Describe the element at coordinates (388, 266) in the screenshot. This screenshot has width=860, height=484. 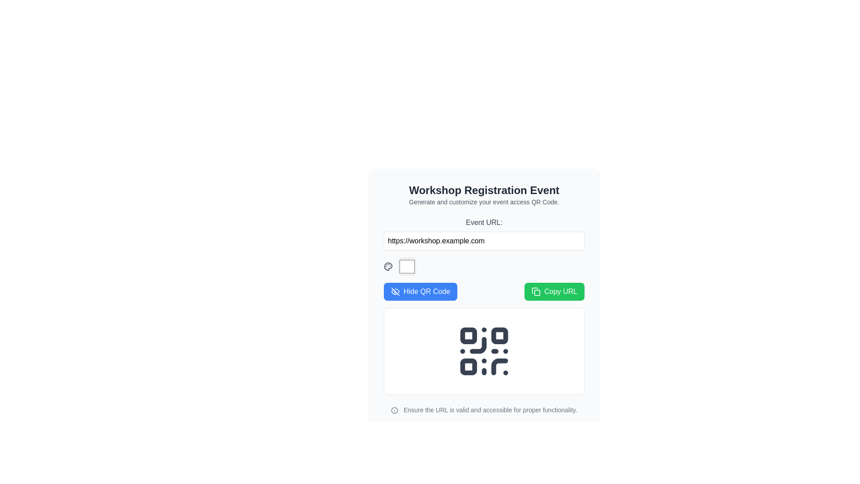
I see `the SVG graphic representing a palette icon, which is a modern minimalist design with circular elements, located near the middle-right of the interface close to the QR code input area` at that location.